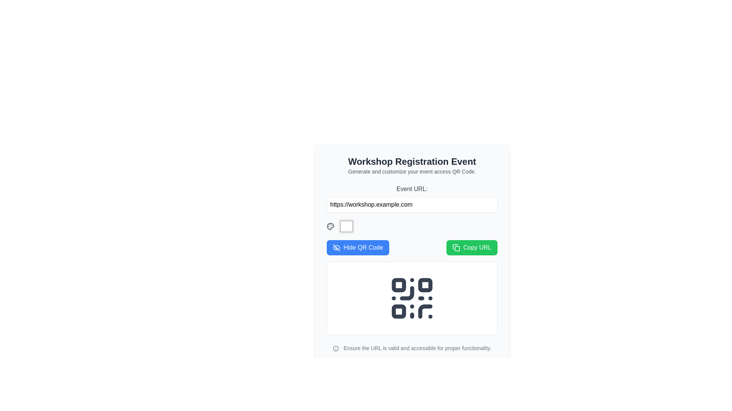 The height and width of the screenshot is (411, 732). I want to click on the 'Copy URL' button, which has a green background, rounded edges, and is positioned to the right of the 'Hide QR Code' button, so click(472, 248).